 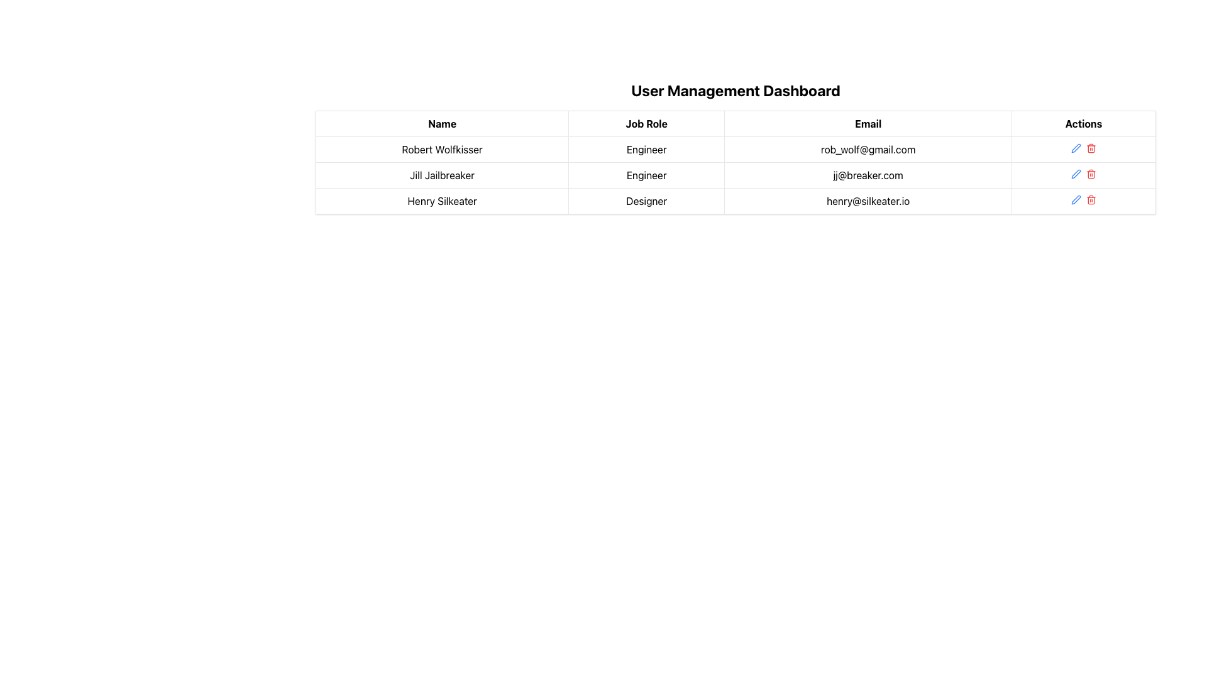 What do you see at coordinates (442, 175) in the screenshot?
I see `the static text element displaying the name 'Jill Jailbreaker' in the User Management Dashboard` at bounding box center [442, 175].